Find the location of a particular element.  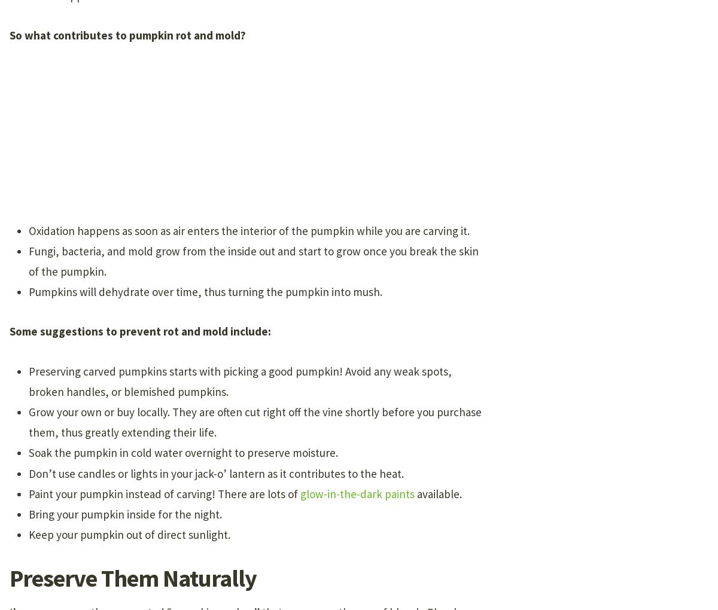

'available.' is located at coordinates (438, 493).